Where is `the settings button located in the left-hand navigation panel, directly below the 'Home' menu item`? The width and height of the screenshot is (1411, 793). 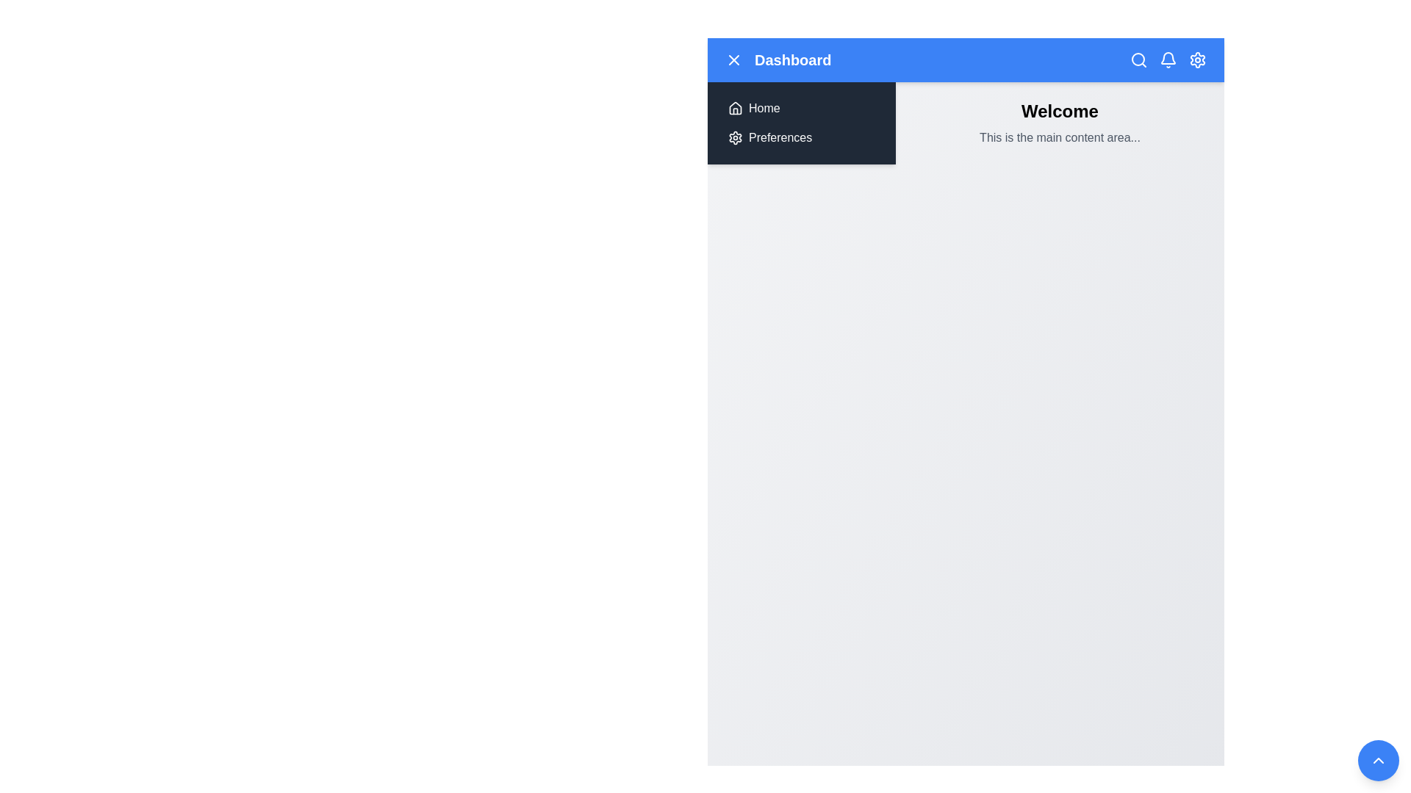
the settings button located in the left-hand navigation panel, directly below the 'Home' menu item is located at coordinates (800, 138).